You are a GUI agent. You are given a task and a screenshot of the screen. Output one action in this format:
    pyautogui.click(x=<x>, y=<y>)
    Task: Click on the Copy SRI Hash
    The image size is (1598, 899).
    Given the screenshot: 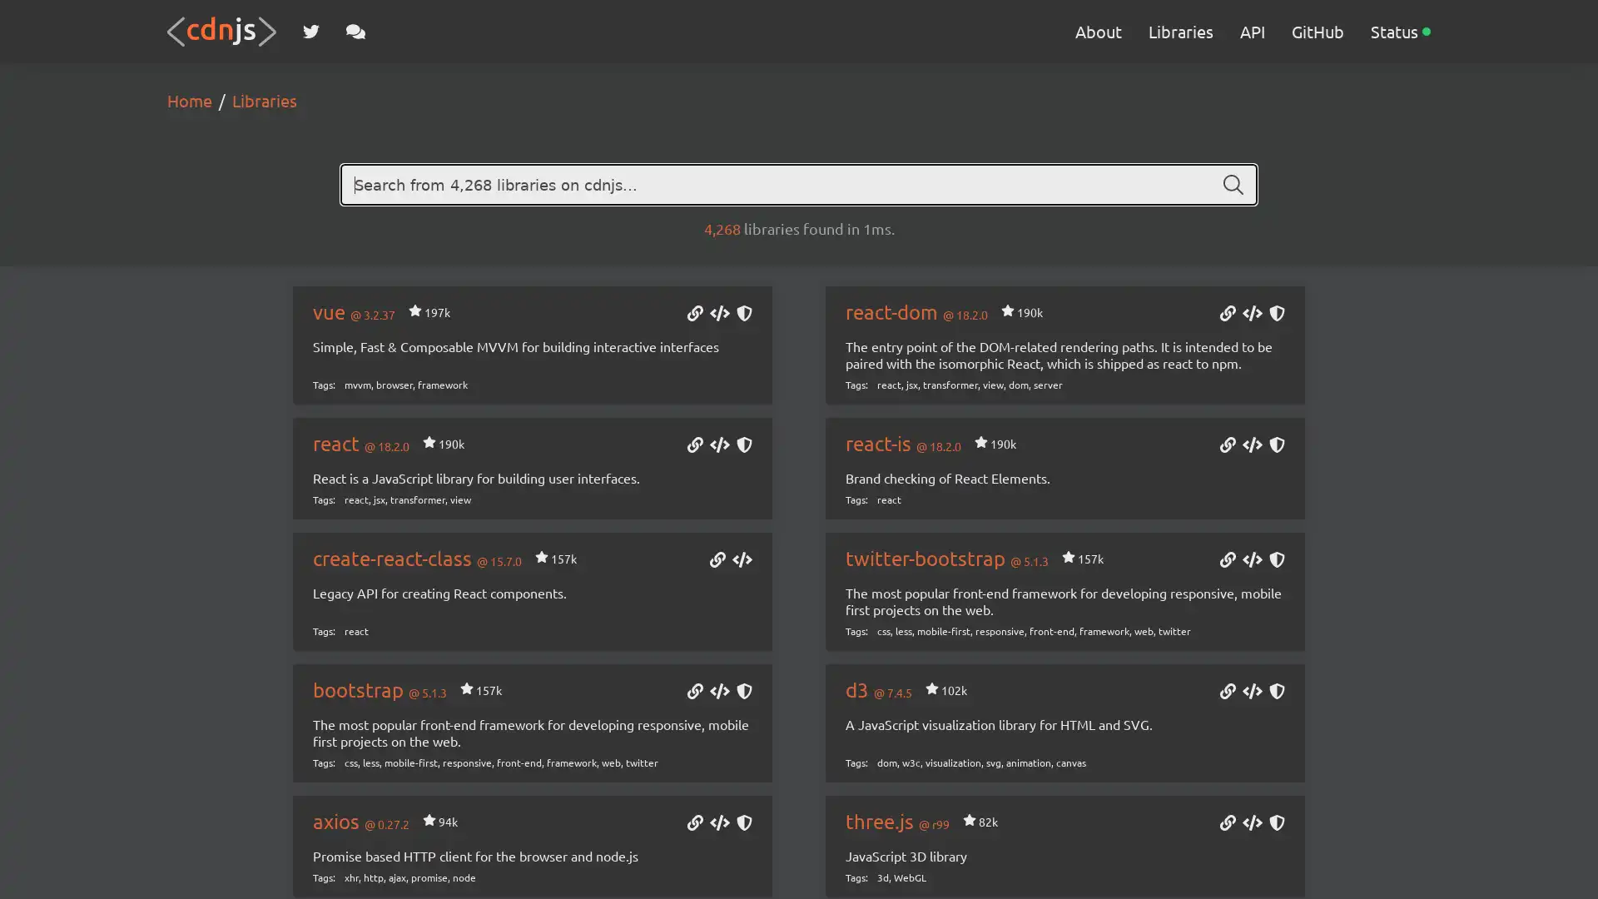 What is the action you would take?
    pyautogui.click(x=1276, y=445)
    